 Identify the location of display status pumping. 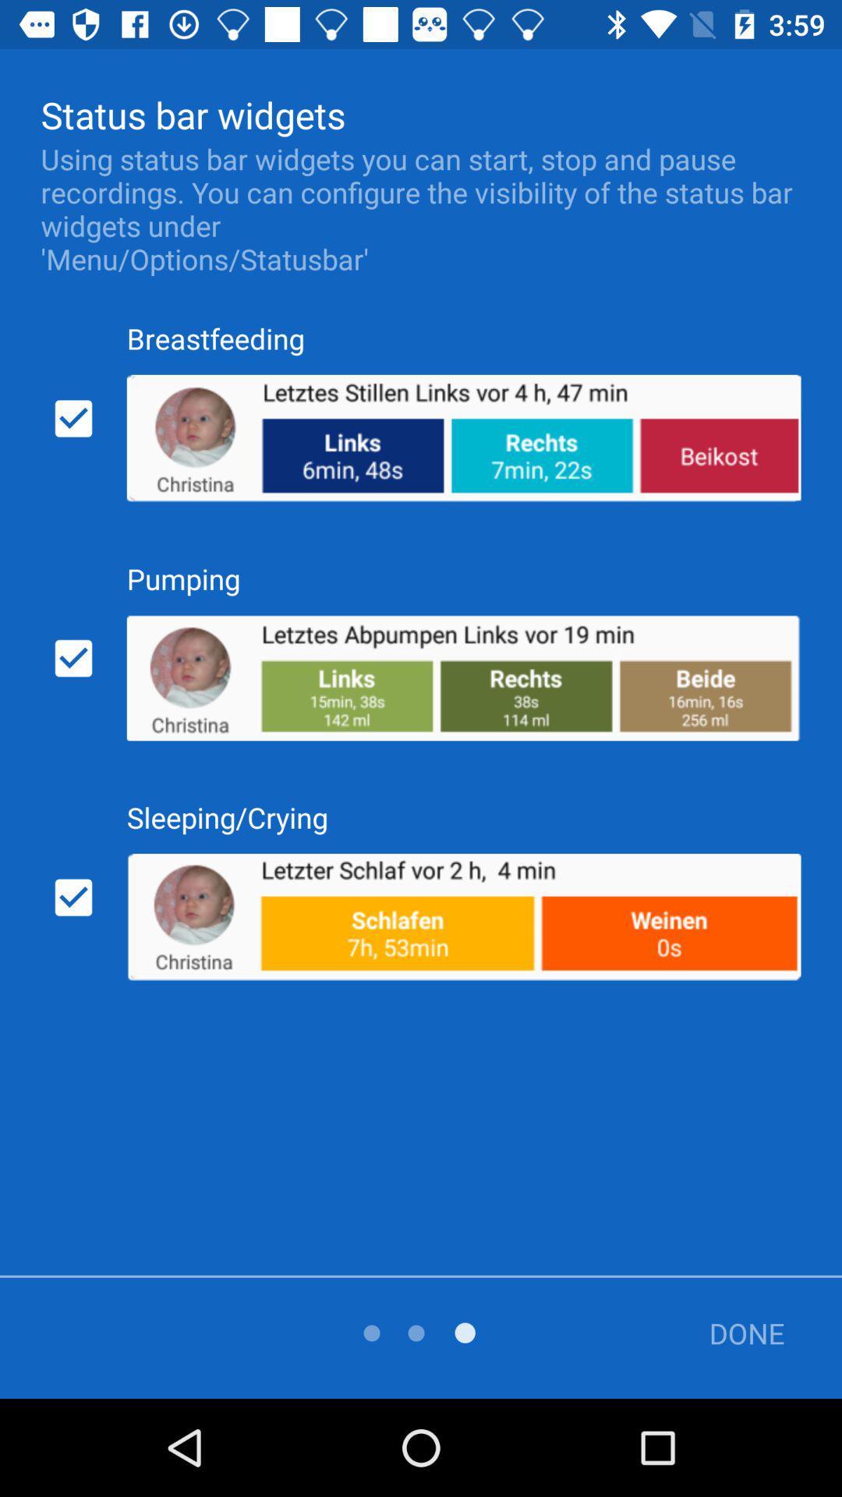
(73, 658).